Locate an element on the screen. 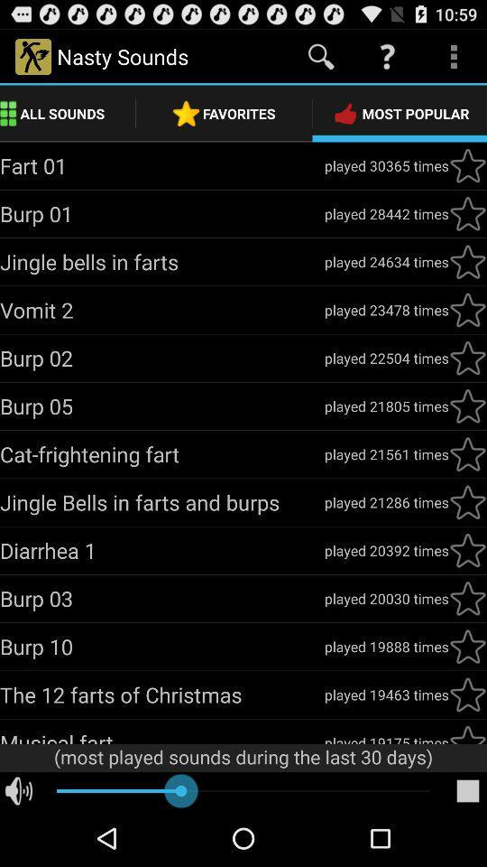 This screenshot has width=487, height=867. favorites option is located at coordinates (467, 310).